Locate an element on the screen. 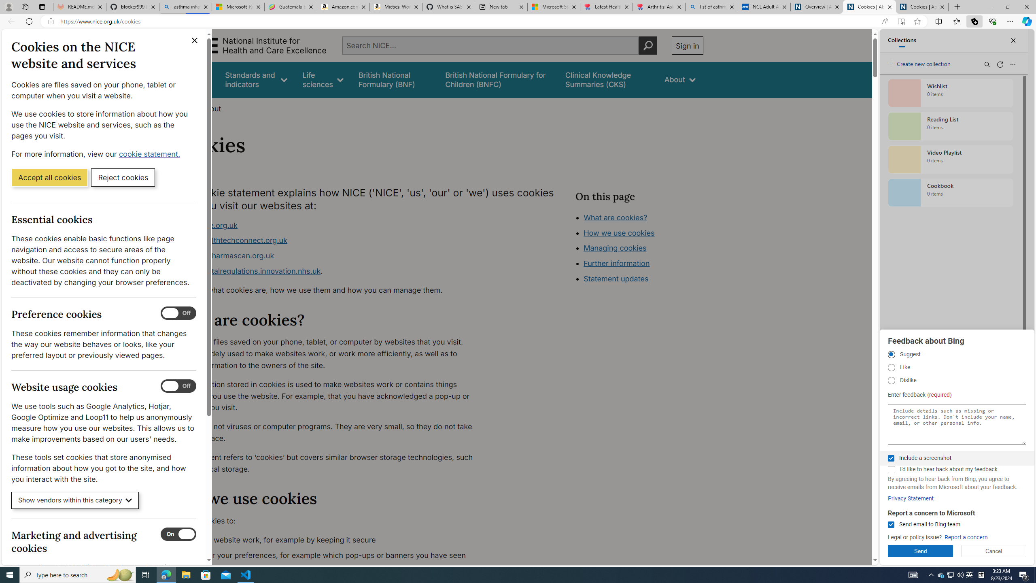  'Website usage cookies' is located at coordinates (178, 386).